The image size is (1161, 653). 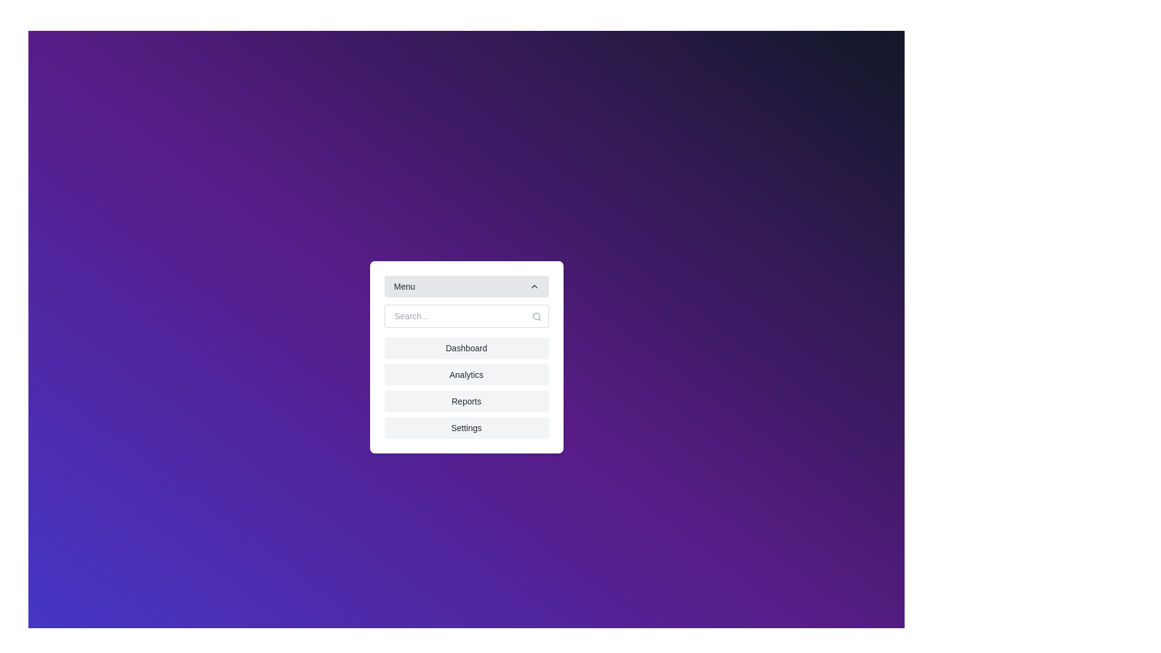 What do you see at coordinates (466, 401) in the screenshot?
I see `the menu option Reports` at bounding box center [466, 401].